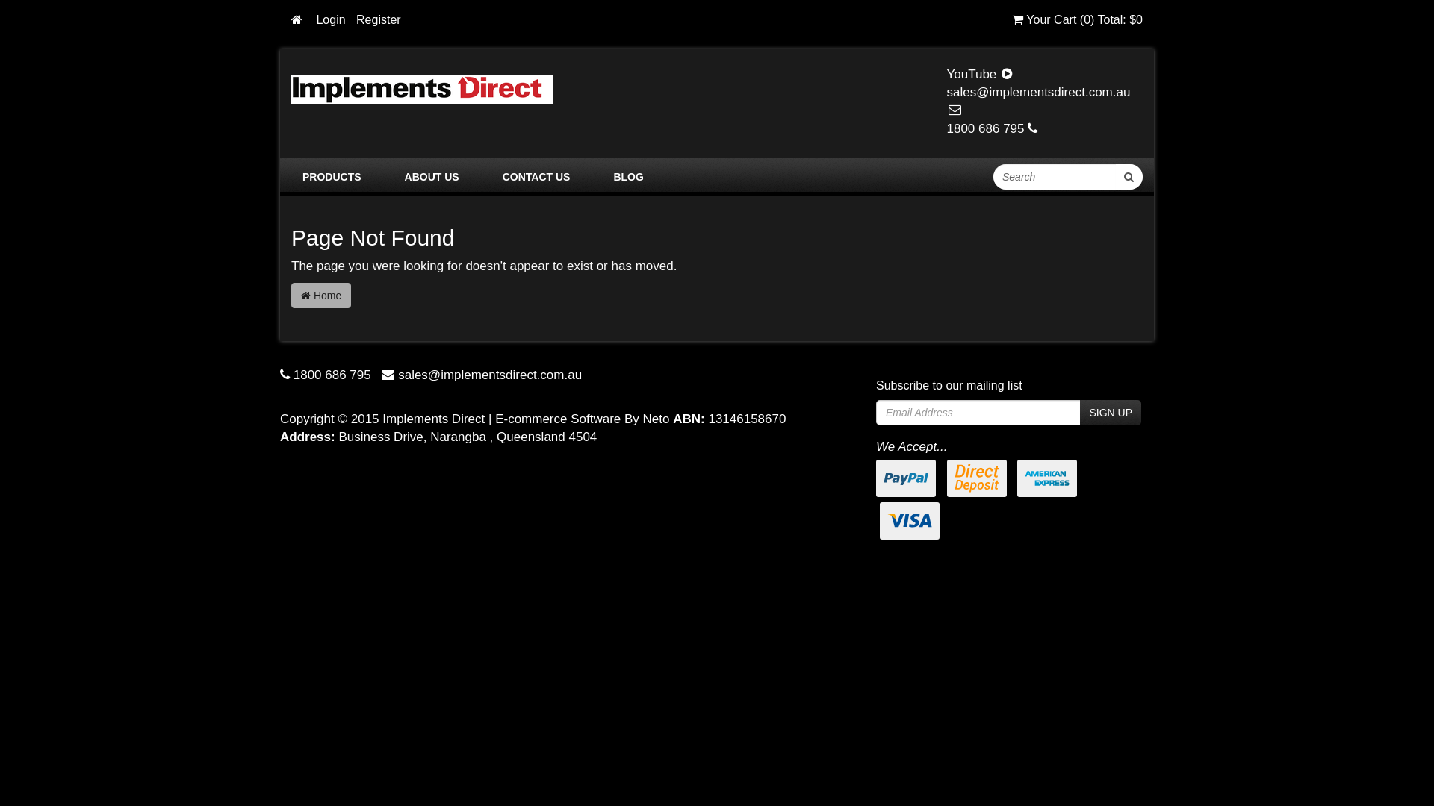 The height and width of the screenshot is (806, 1434). What do you see at coordinates (536, 175) in the screenshot?
I see `'CONTACT US'` at bounding box center [536, 175].